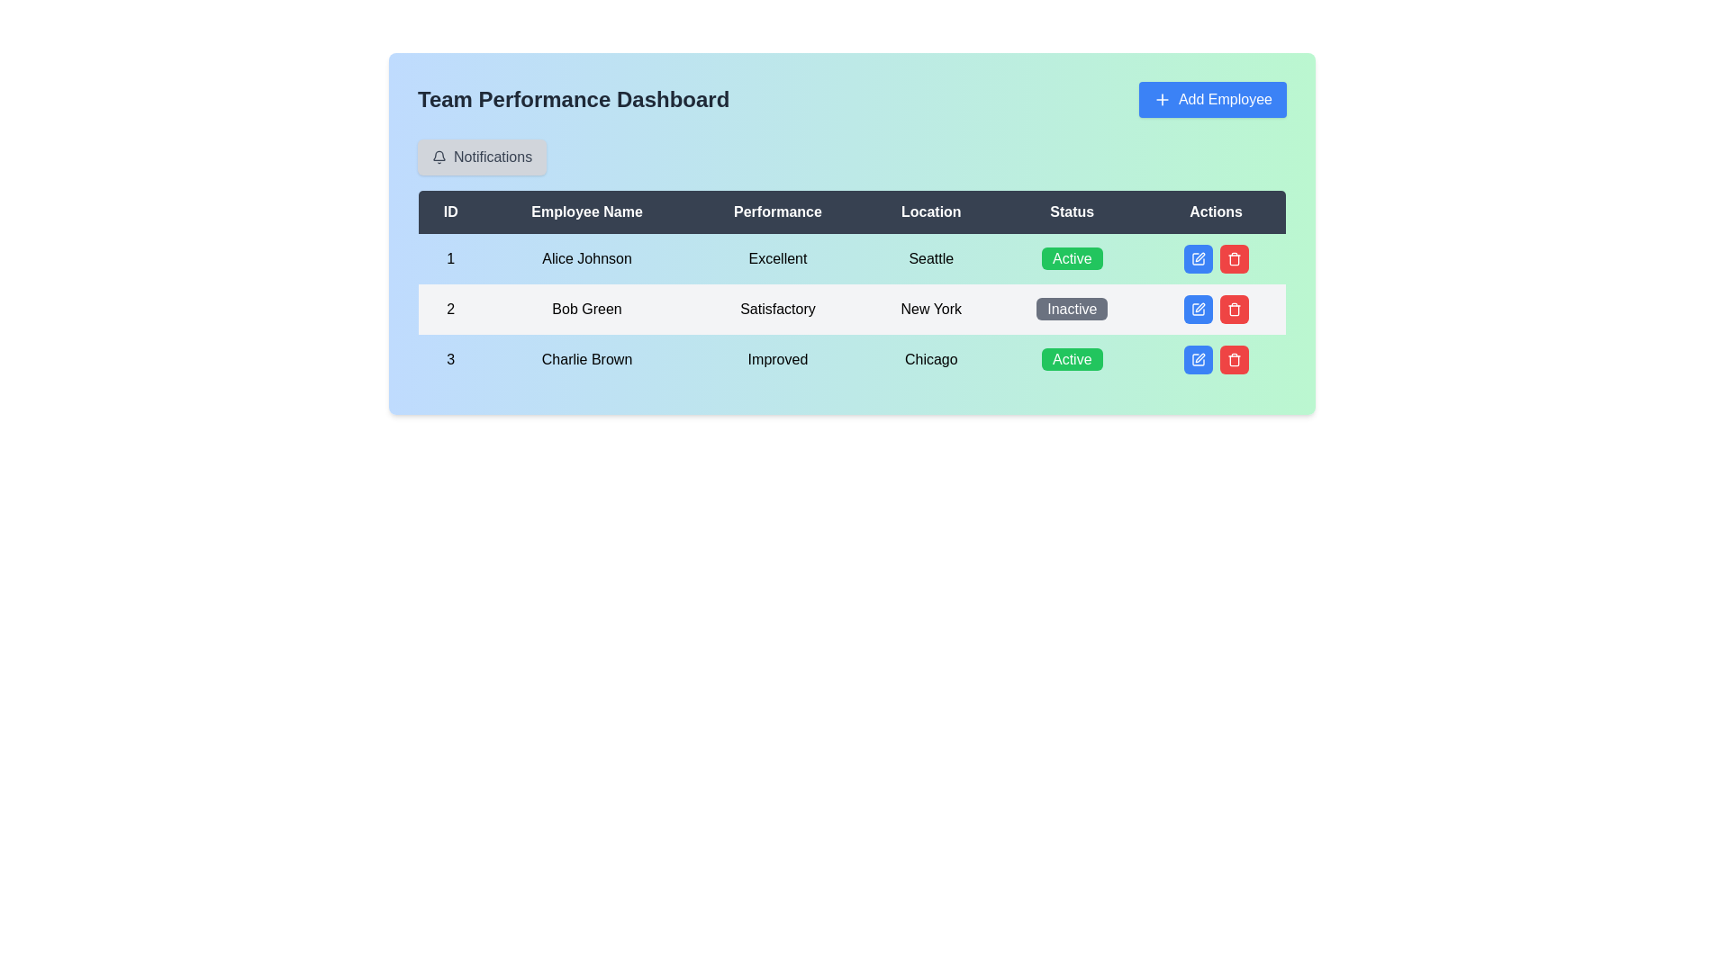 This screenshot has height=972, width=1729. Describe the element at coordinates (1233, 308) in the screenshot. I see `the delete button located in the 'Actions' column of the second row in the table` at that location.